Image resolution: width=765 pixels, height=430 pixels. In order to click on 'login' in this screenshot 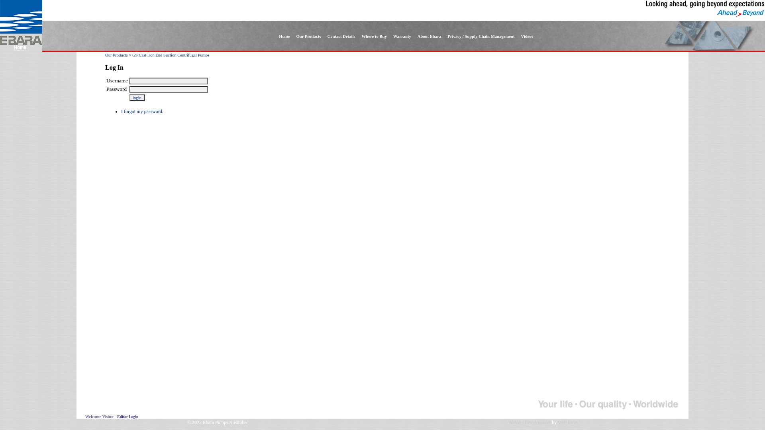, I will do `click(137, 97)`.